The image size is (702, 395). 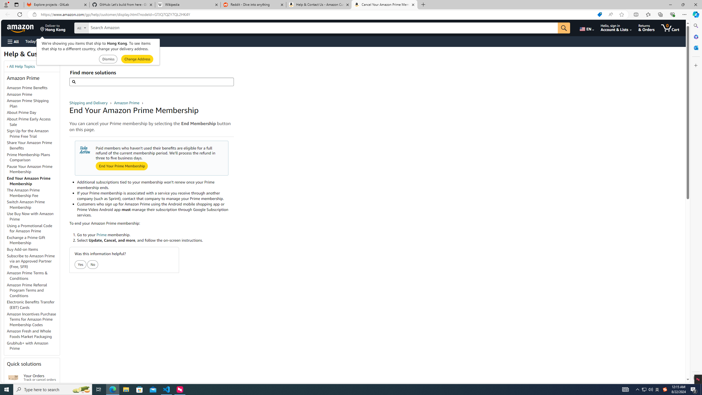 What do you see at coordinates (33, 134) in the screenshot?
I see `'Sign Up for the Amazon Prime Free Trial'` at bounding box center [33, 134].